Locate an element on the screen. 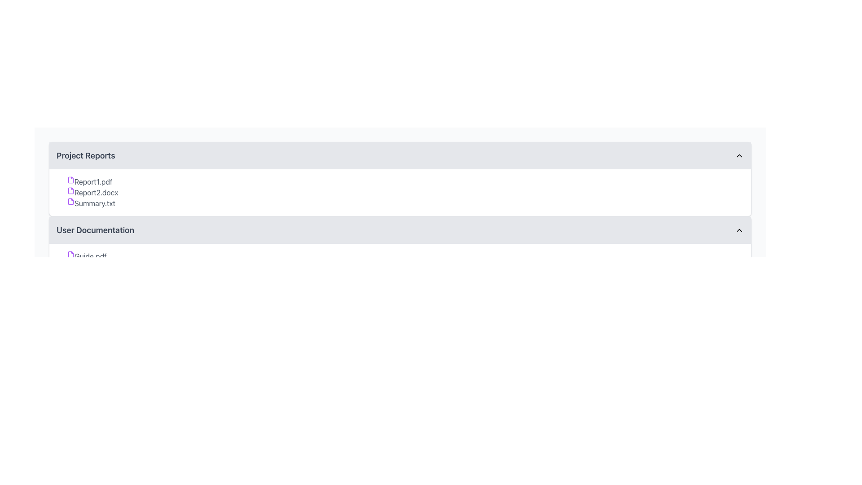 Image resolution: width=862 pixels, height=485 pixels. the small purple outlined file icon located to the left of the text 'Report1.pdf' under the 'Project Reports' section is located at coordinates (70, 180).